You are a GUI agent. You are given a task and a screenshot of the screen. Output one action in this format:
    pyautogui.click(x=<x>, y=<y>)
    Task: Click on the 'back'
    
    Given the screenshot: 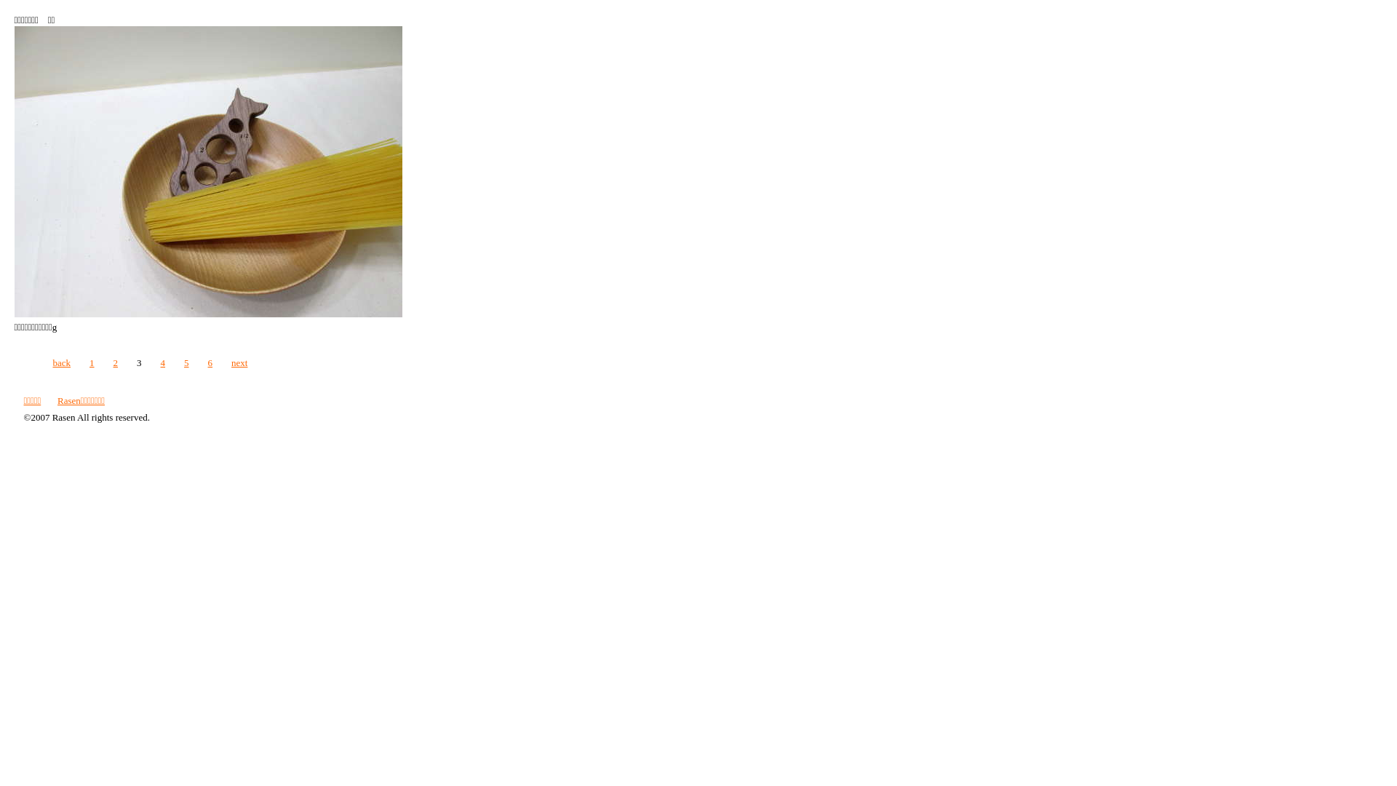 What is the action you would take?
    pyautogui.click(x=60, y=361)
    